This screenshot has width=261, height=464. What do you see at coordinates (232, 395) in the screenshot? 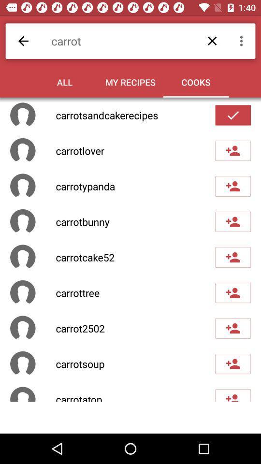
I see `friend` at bounding box center [232, 395].